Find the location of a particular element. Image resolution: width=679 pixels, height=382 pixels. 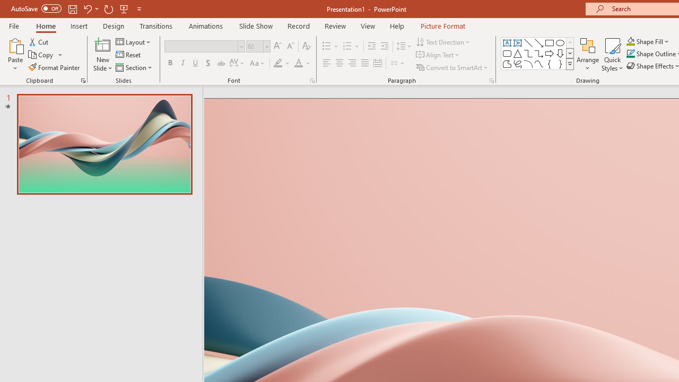

'Rectangle: Rounded Corners' is located at coordinates (507, 53).